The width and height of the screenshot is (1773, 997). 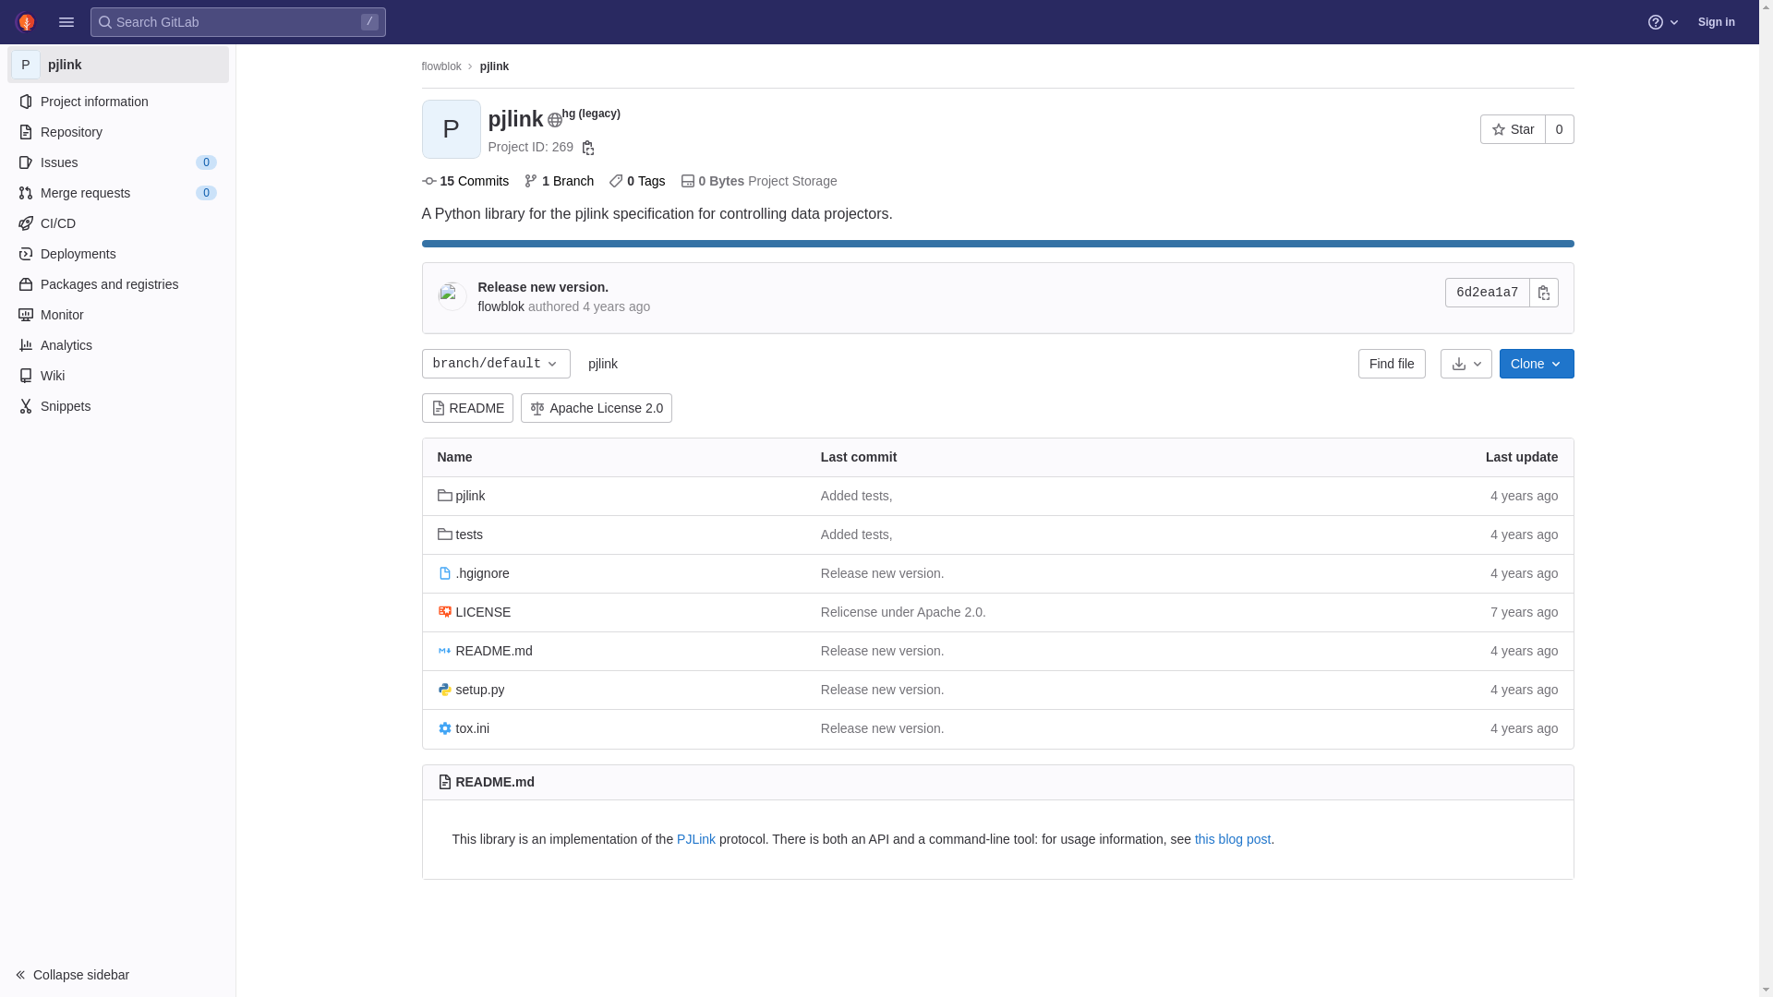 I want to click on 'Star', so click(x=1480, y=127).